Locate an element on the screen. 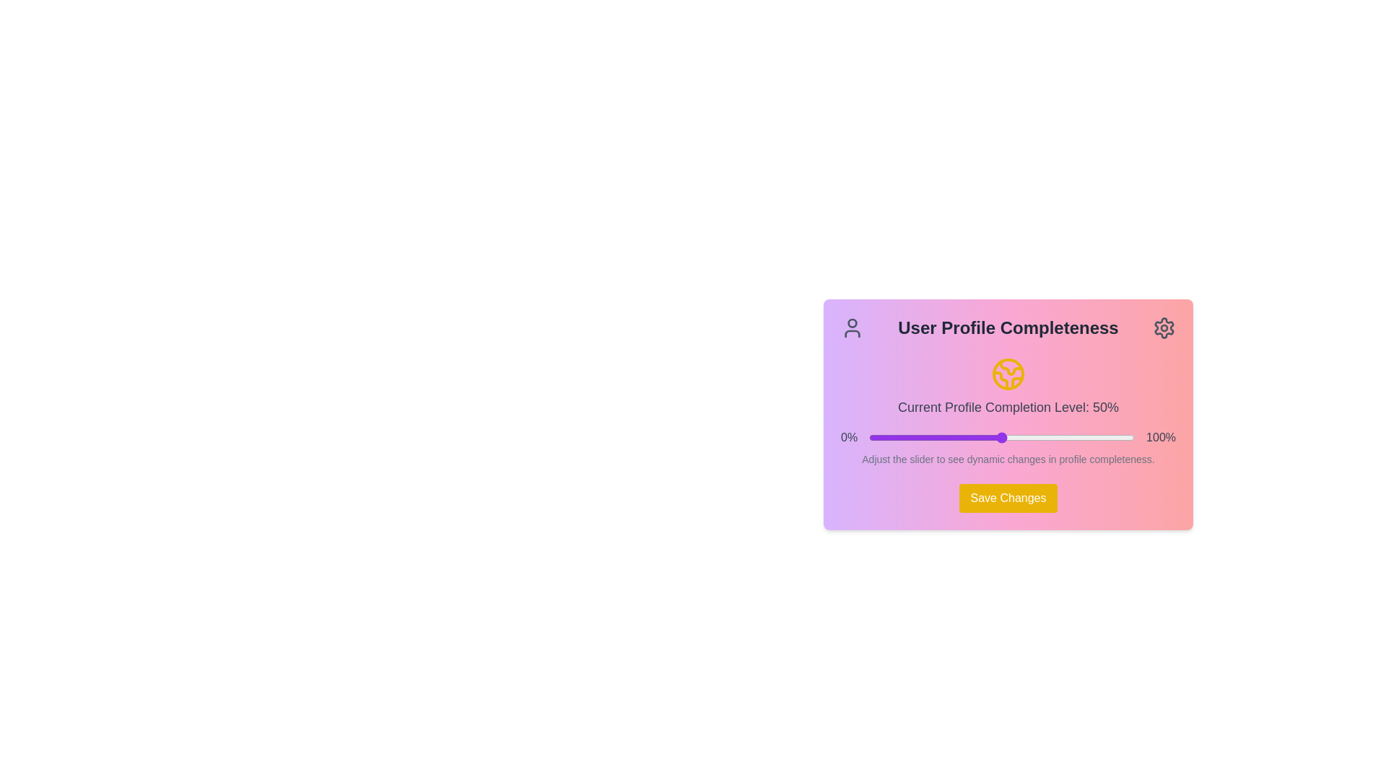 The width and height of the screenshot is (1386, 779). the 'User Profile Completeness' text label, which is centrally positioned near the top of a colored card with bold, large font in dark gray color is located at coordinates (1007, 328).